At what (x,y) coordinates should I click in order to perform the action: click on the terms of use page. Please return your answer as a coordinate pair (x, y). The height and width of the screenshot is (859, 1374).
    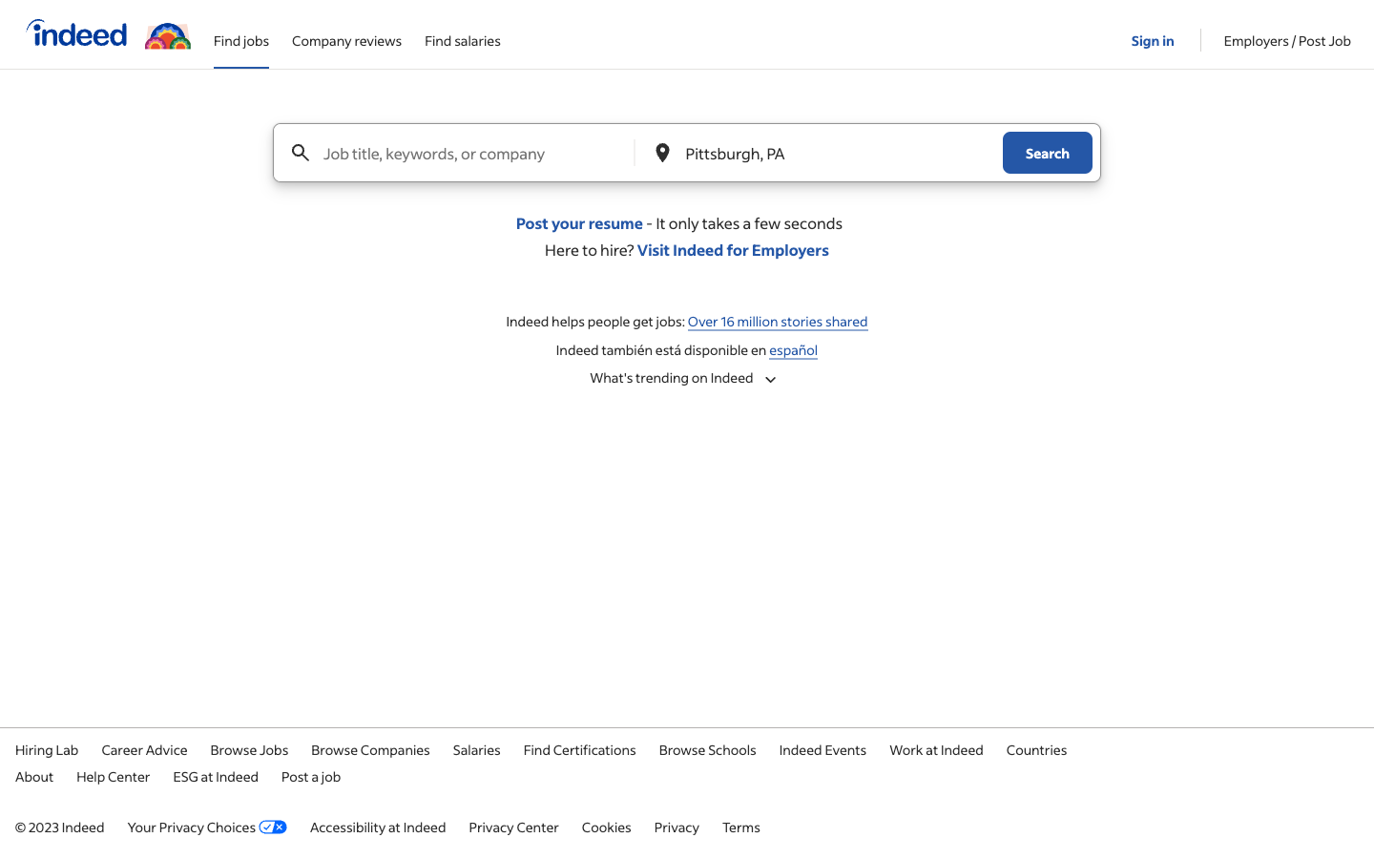
    Looking at the image, I should click on (740, 826).